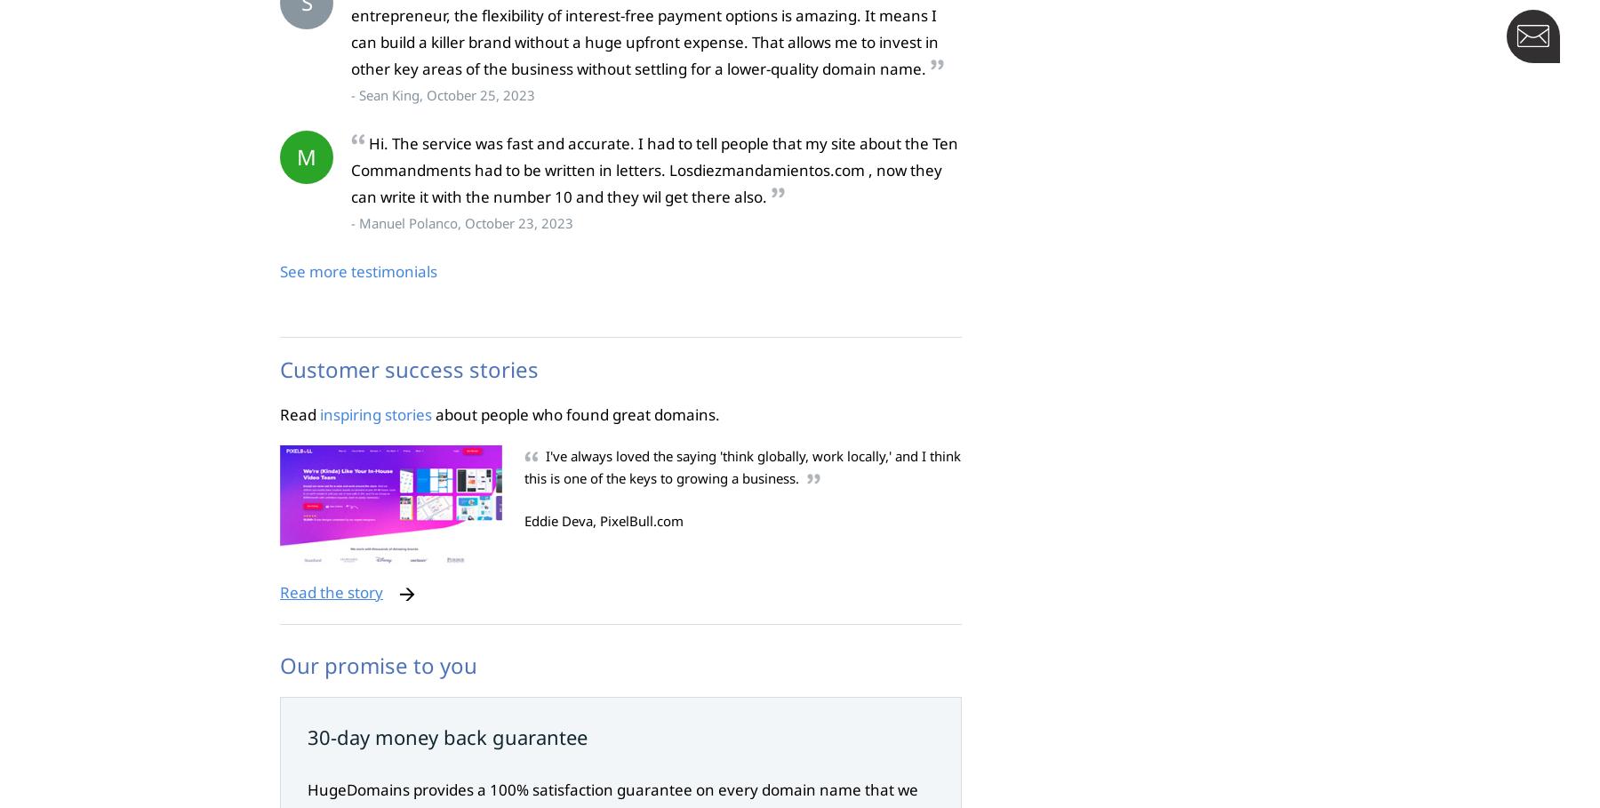 Image resolution: width=1600 pixels, height=808 pixels. What do you see at coordinates (408, 369) in the screenshot?
I see `'Customer success stories'` at bounding box center [408, 369].